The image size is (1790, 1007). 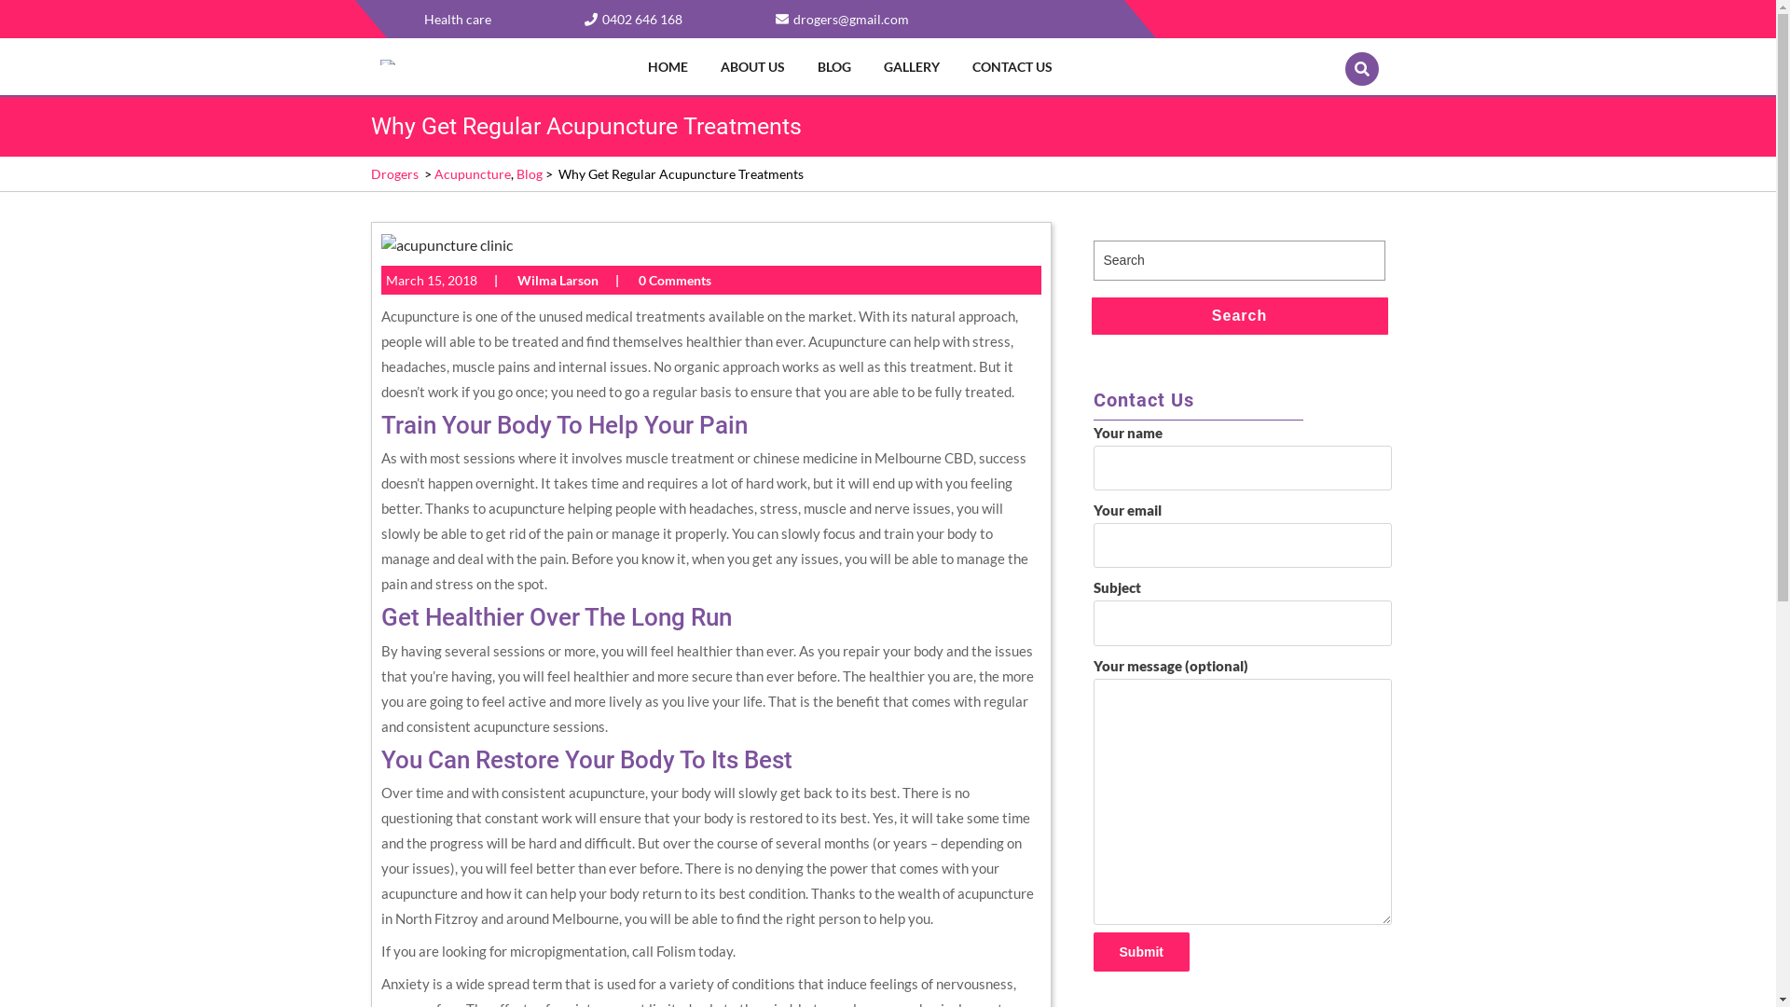 What do you see at coordinates (528, 173) in the screenshot?
I see `'Blog'` at bounding box center [528, 173].